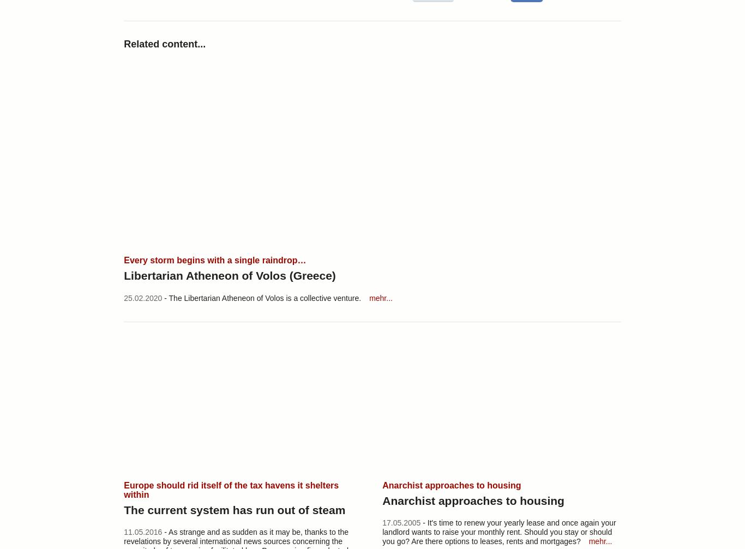 This screenshot has height=549, width=745. I want to click on 'Related content...', so click(165, 44).